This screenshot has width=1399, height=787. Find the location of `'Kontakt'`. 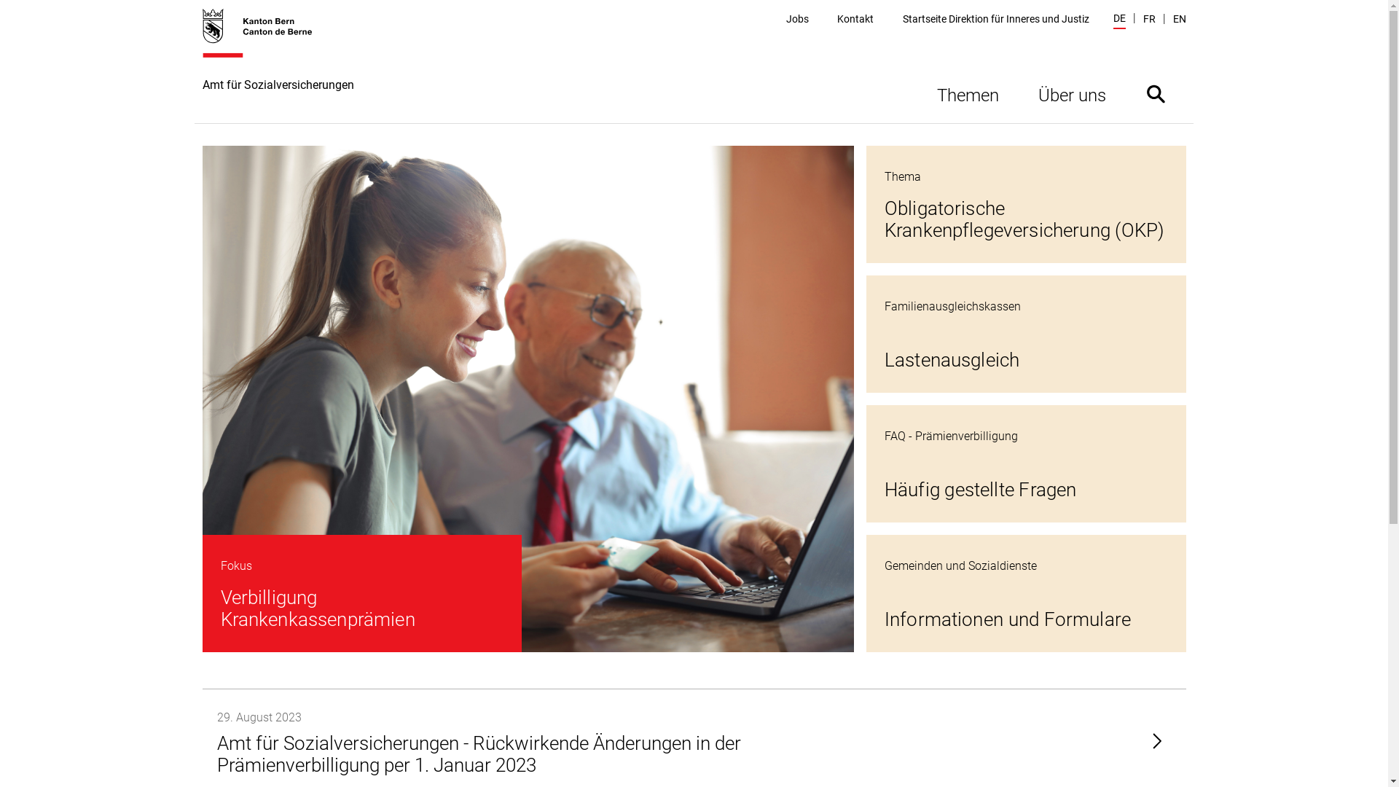

'Kontakt' is located at coordinates (855, 19).